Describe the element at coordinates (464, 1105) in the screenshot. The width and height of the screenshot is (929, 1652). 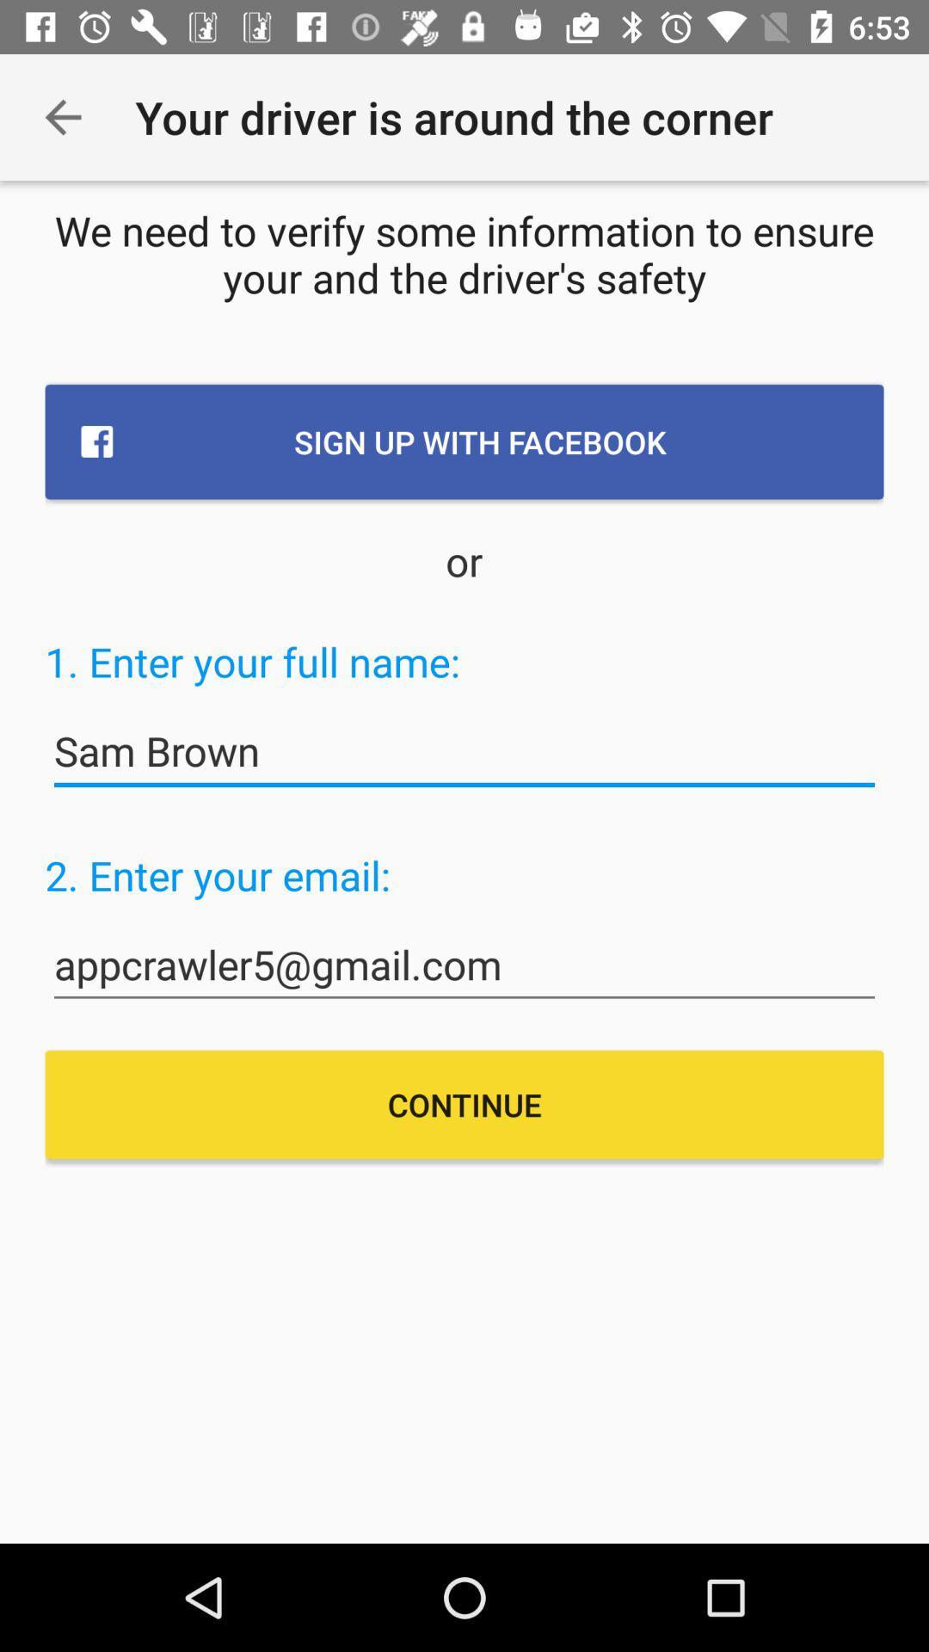
I see `the icon below the appcrawler5@gmail.com icon` at that location.